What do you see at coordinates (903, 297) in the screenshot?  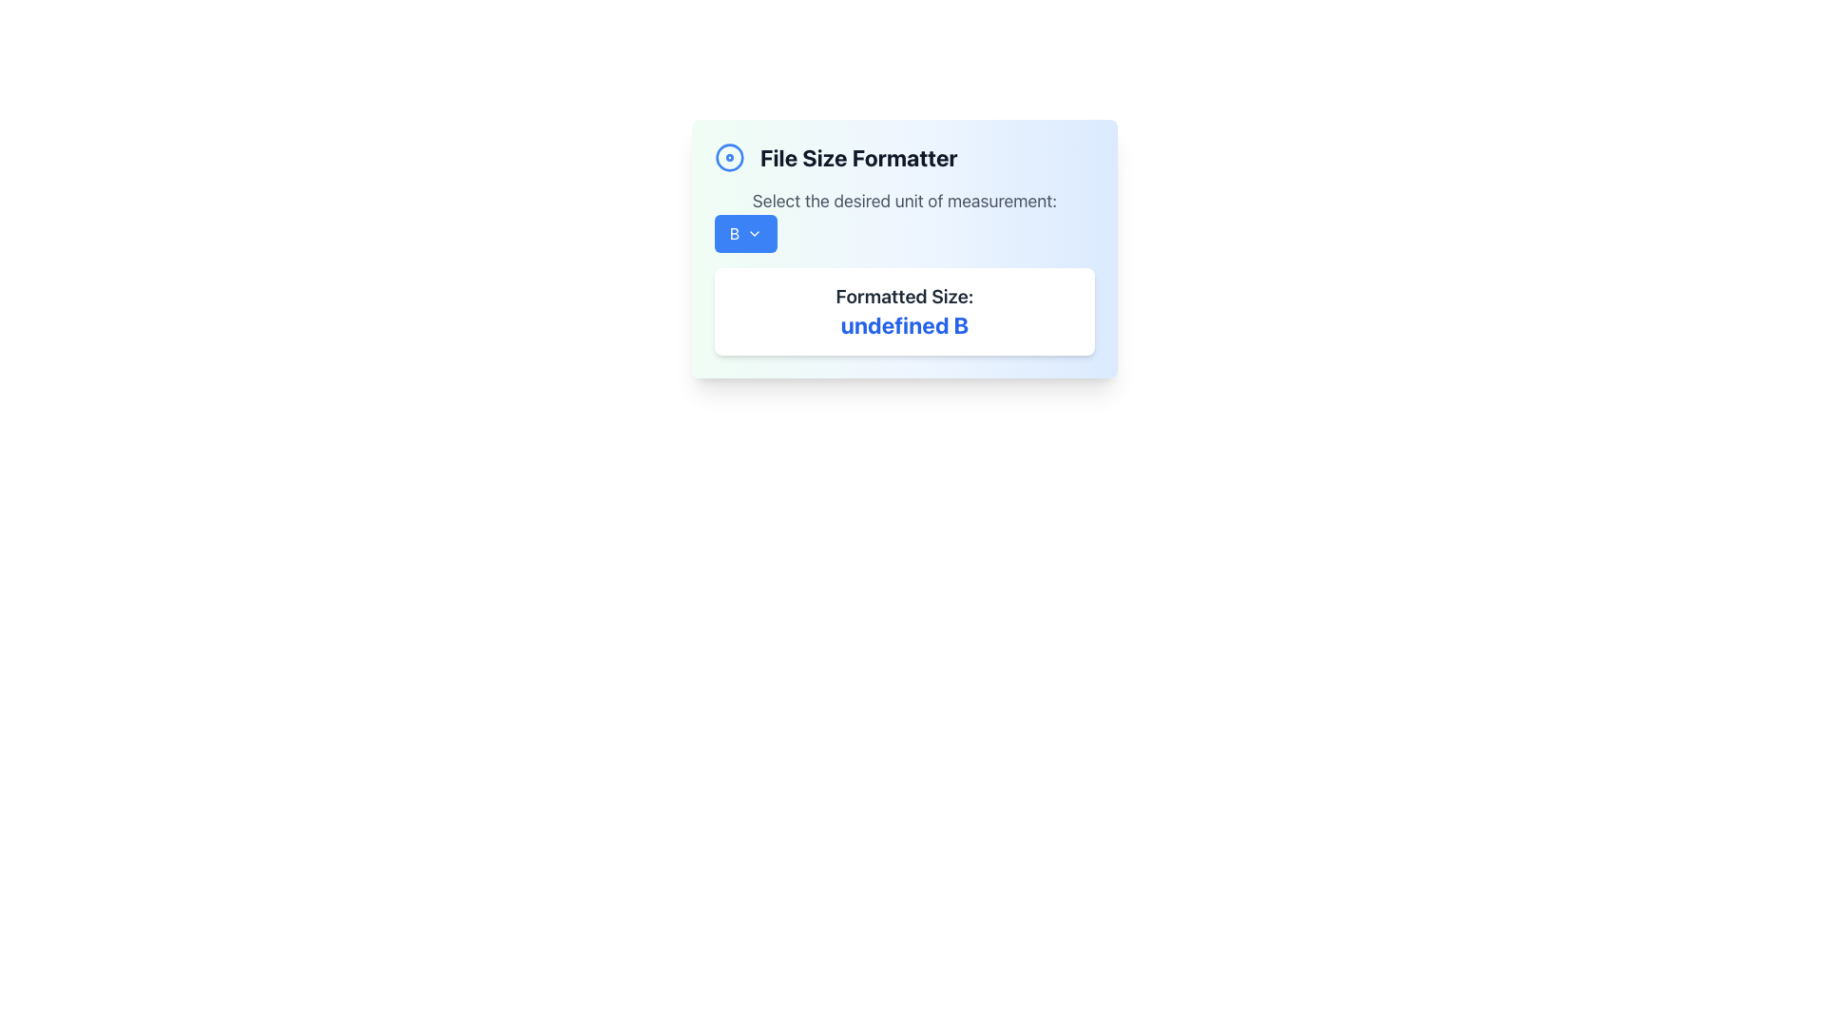 I see `the text label displaying 'Formatted Size:' in a bold font style with a light gray color, located at the top of a group within a white, rounded rectangular box` at bounding box center [903, 297].